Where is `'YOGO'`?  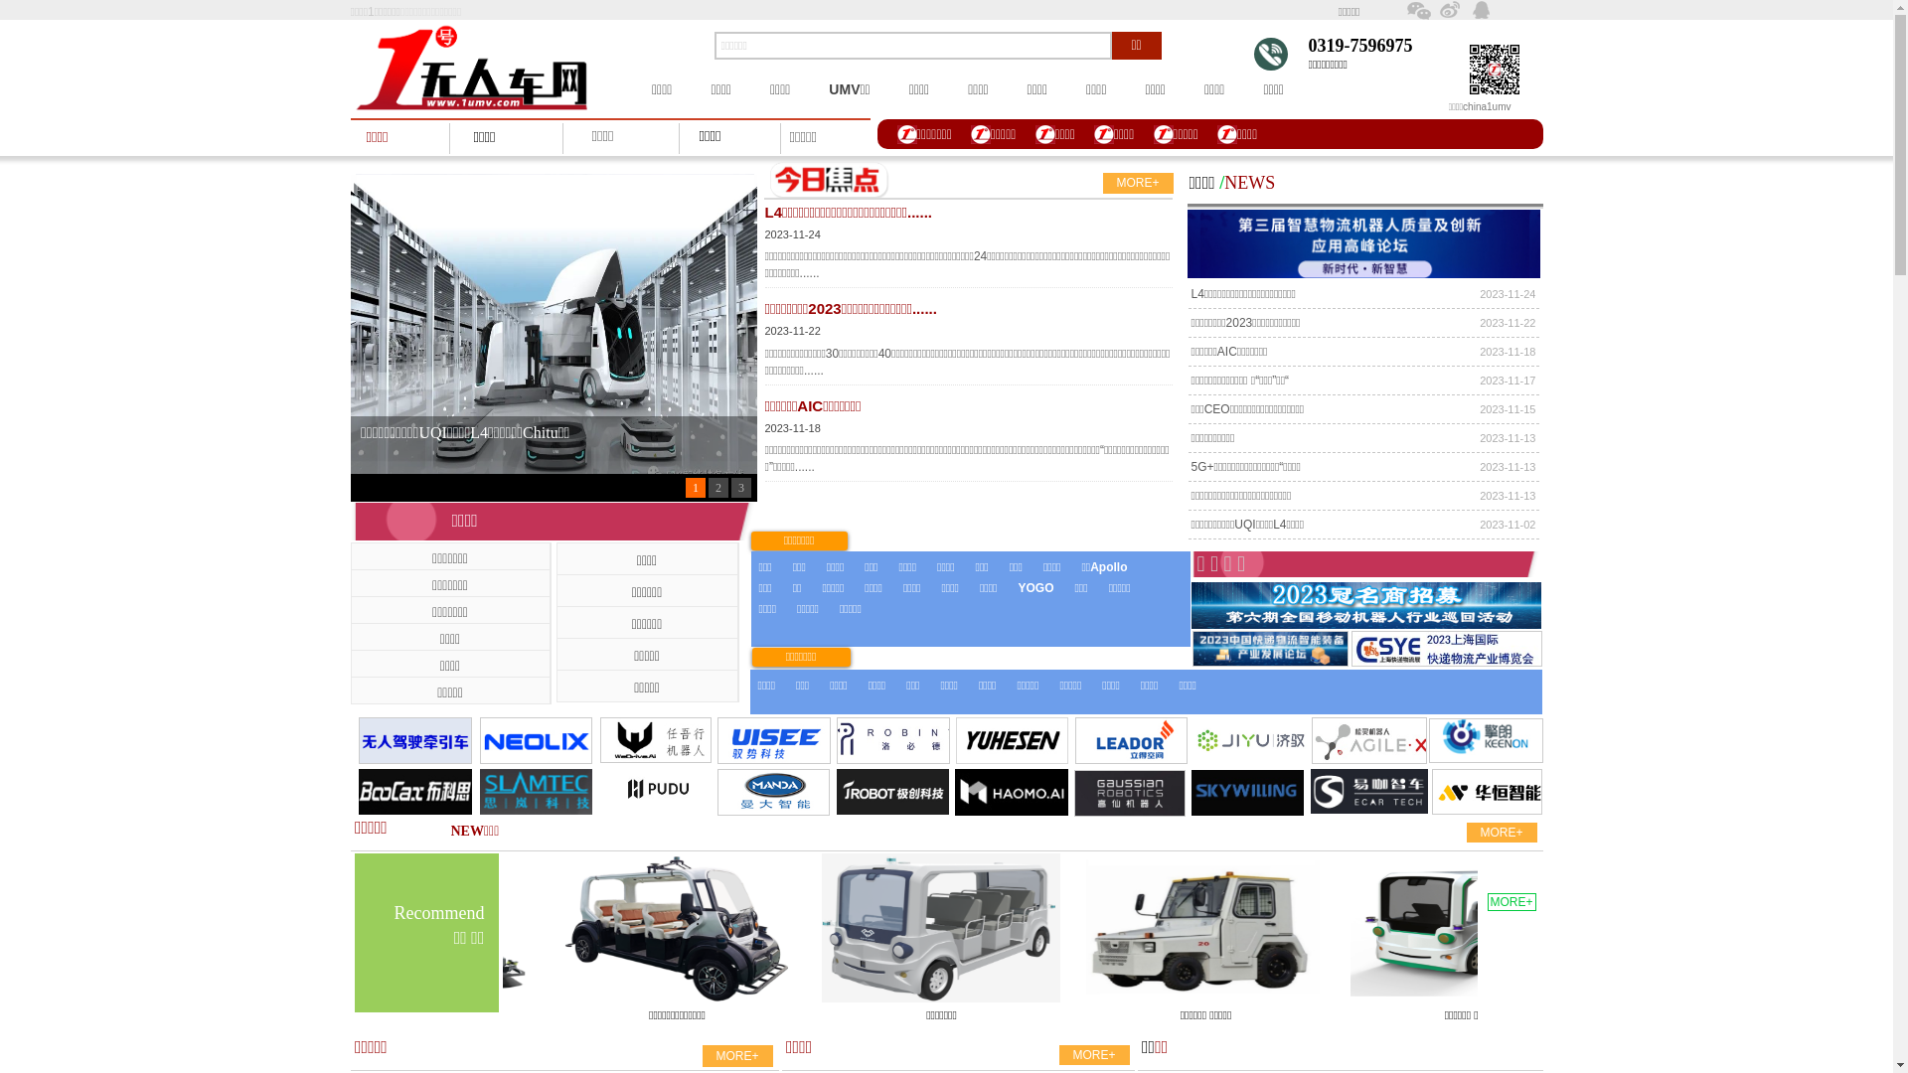 'YOGO' is located at coordinates (1017, 587).